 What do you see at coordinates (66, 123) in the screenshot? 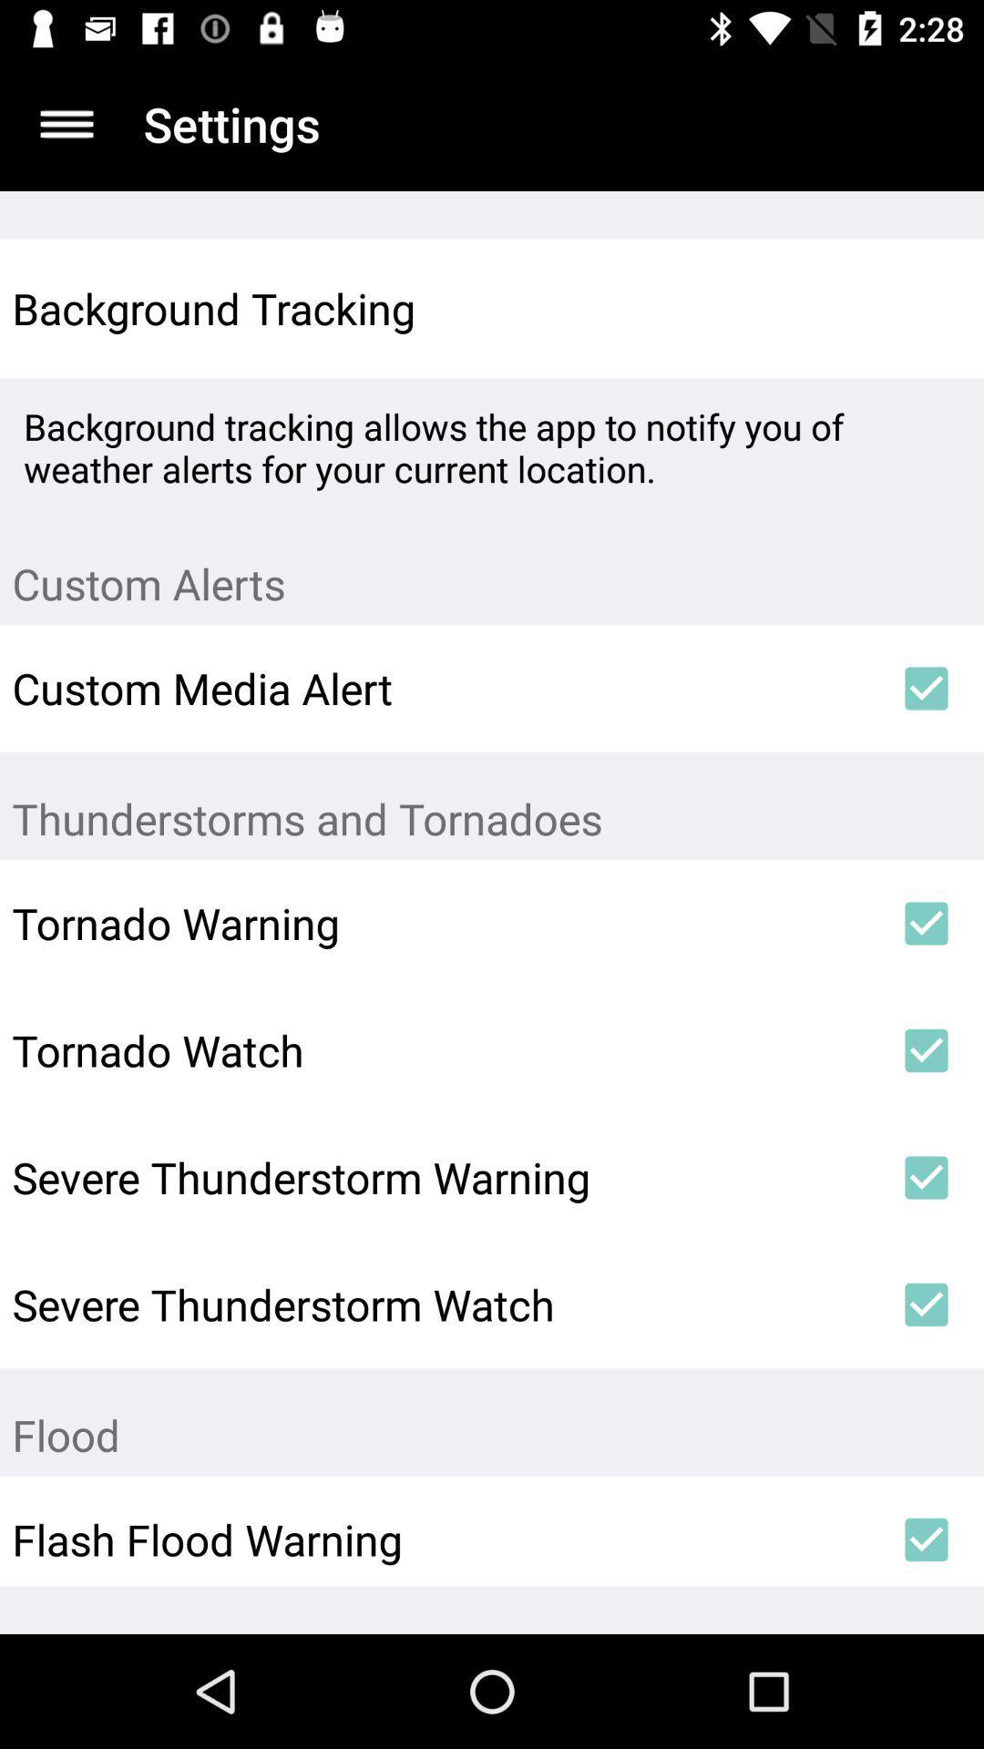
I see `menu option` at bounding box center [66, 123].